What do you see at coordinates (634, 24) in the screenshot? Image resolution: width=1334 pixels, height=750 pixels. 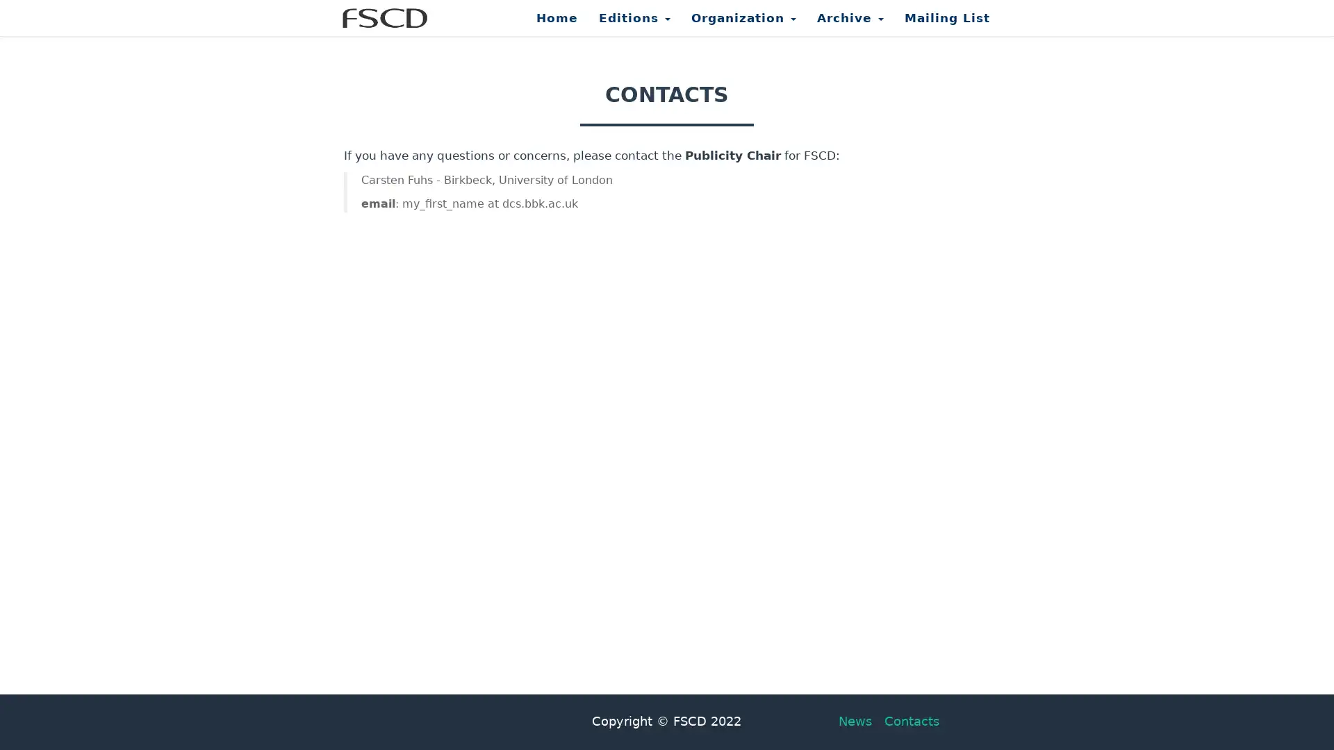 I see `Editions` at bounding box center [634, 24].